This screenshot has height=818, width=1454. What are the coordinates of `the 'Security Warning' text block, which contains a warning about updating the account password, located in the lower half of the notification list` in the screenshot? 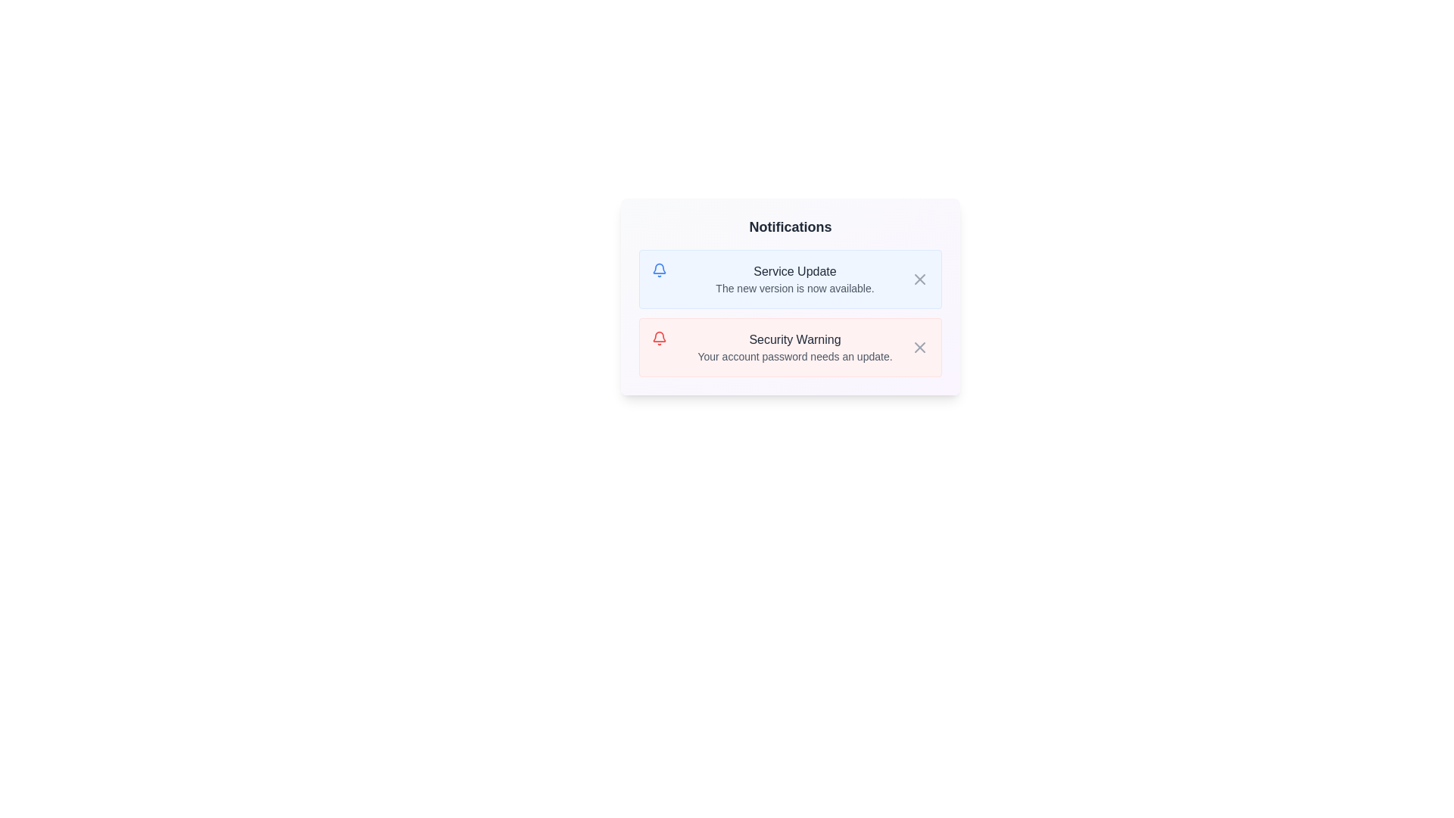 It's located at (794, 348).